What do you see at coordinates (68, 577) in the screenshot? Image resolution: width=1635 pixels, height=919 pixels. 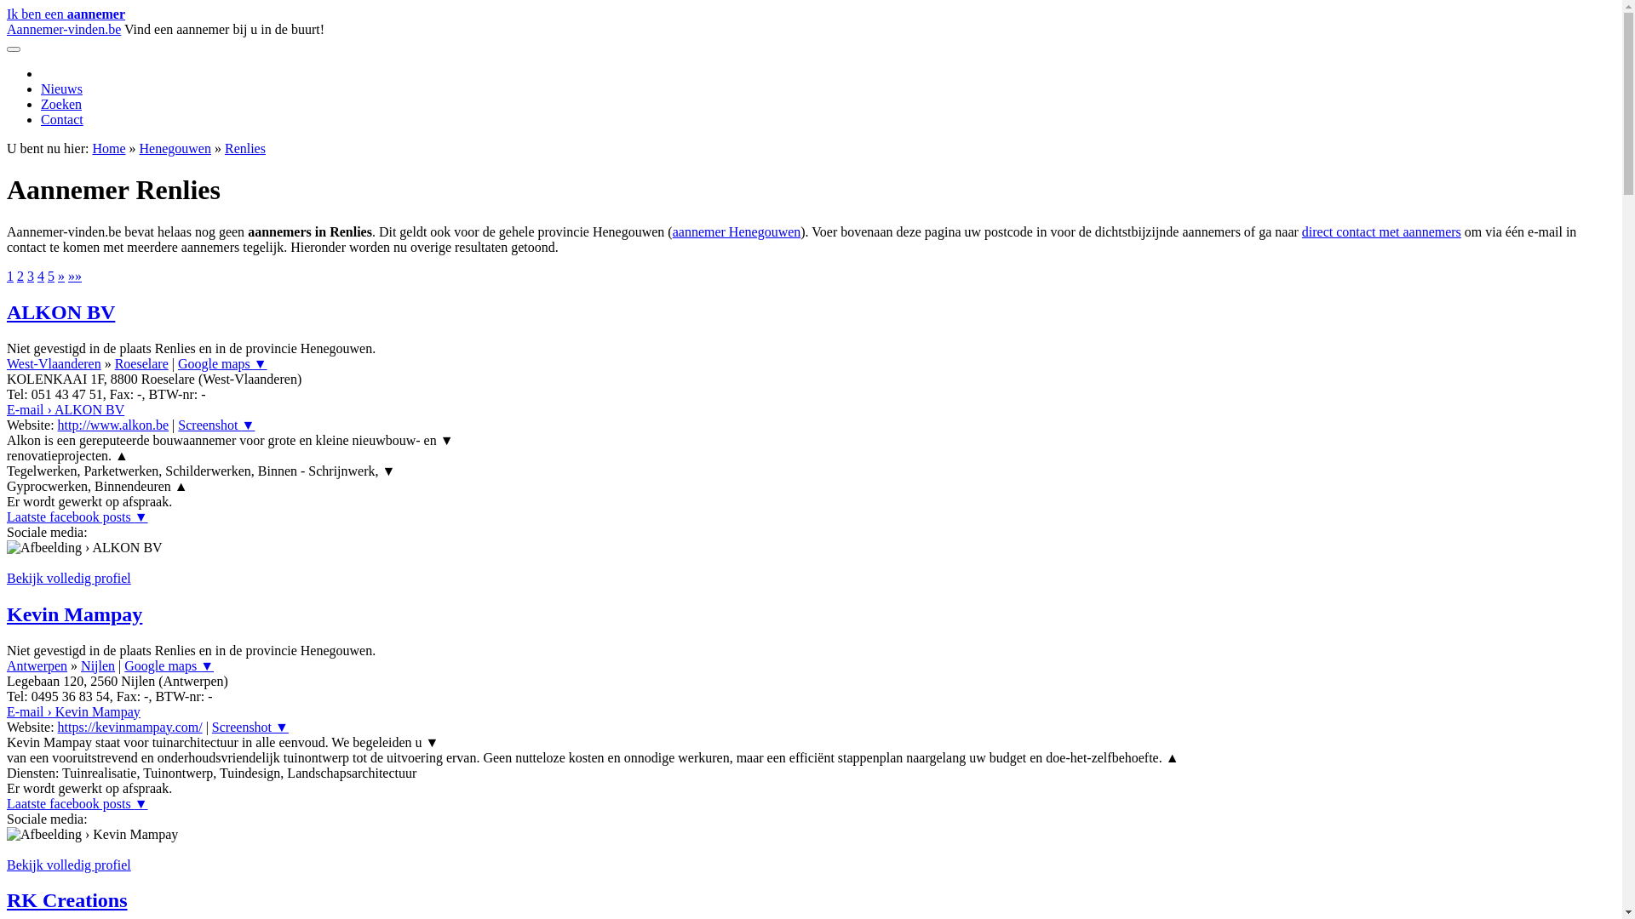 I see `'Bekijk volledig profiel'` at bounding box center [68, 577].